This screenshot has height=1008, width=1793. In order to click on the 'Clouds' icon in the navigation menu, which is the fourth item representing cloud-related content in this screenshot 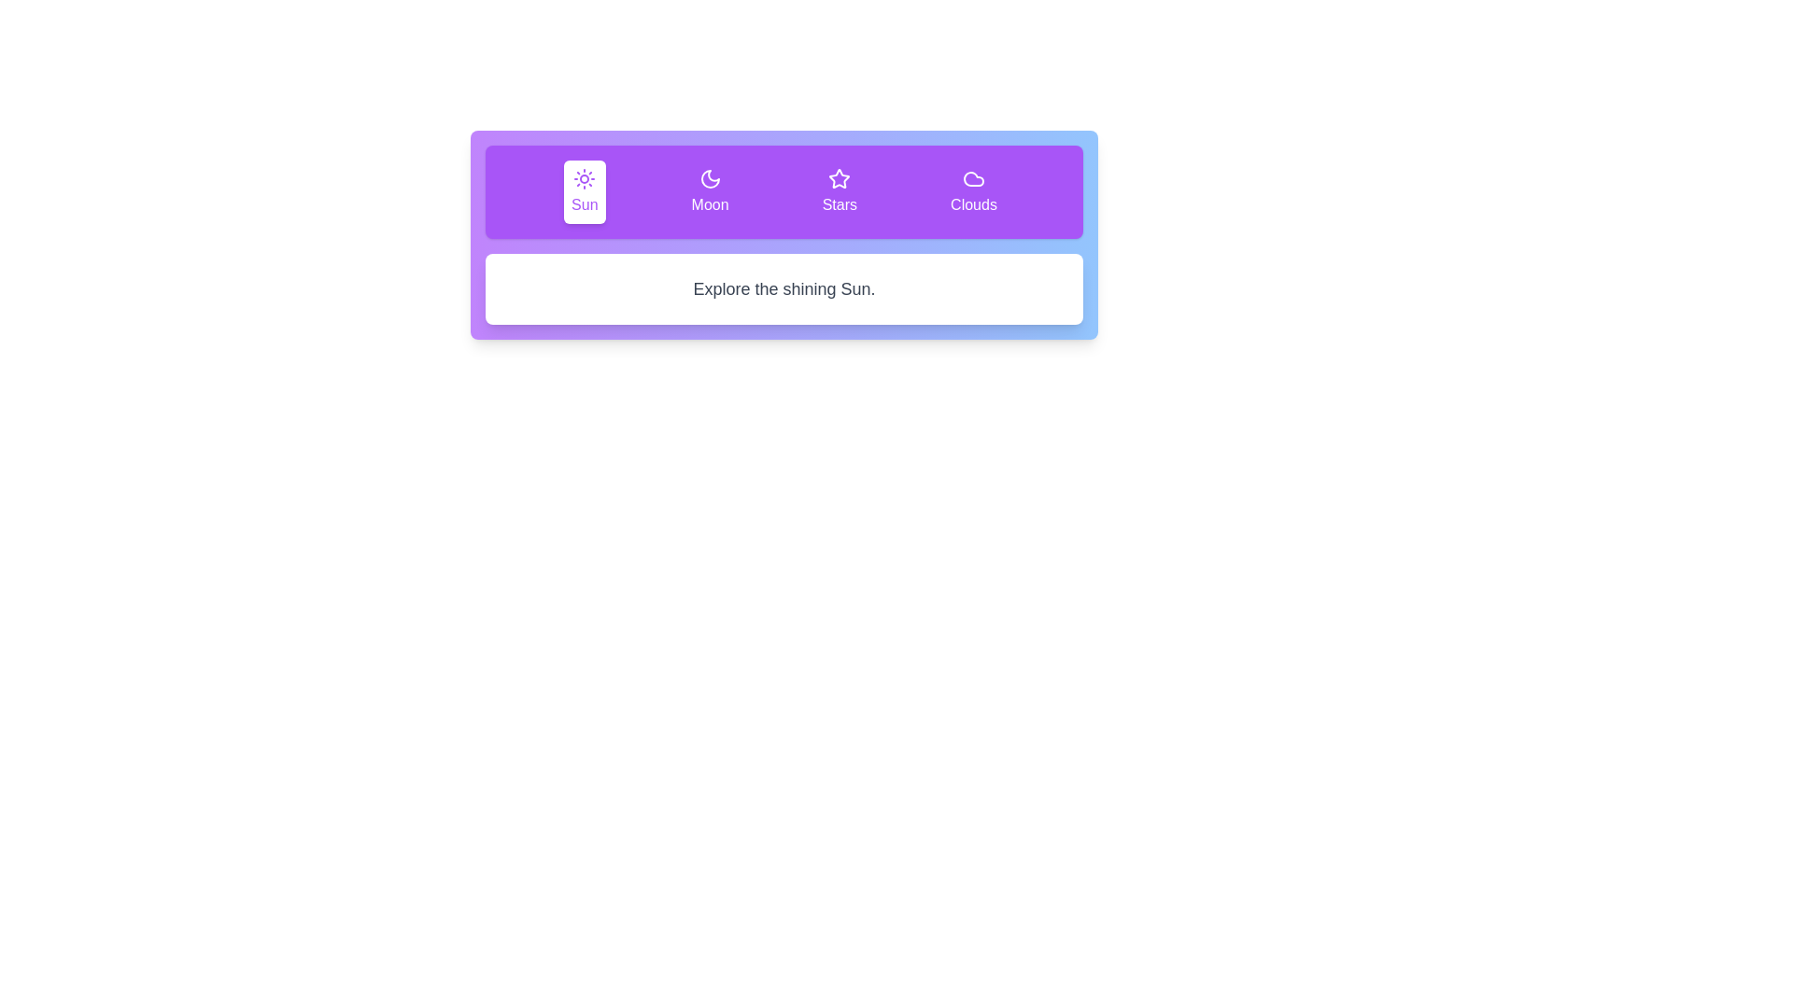, I will do `click(972, 179)`.